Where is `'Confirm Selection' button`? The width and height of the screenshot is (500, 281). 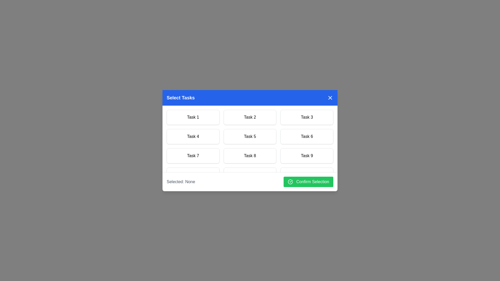 'Confirm Selection' button is located at coordinates (308, 181).